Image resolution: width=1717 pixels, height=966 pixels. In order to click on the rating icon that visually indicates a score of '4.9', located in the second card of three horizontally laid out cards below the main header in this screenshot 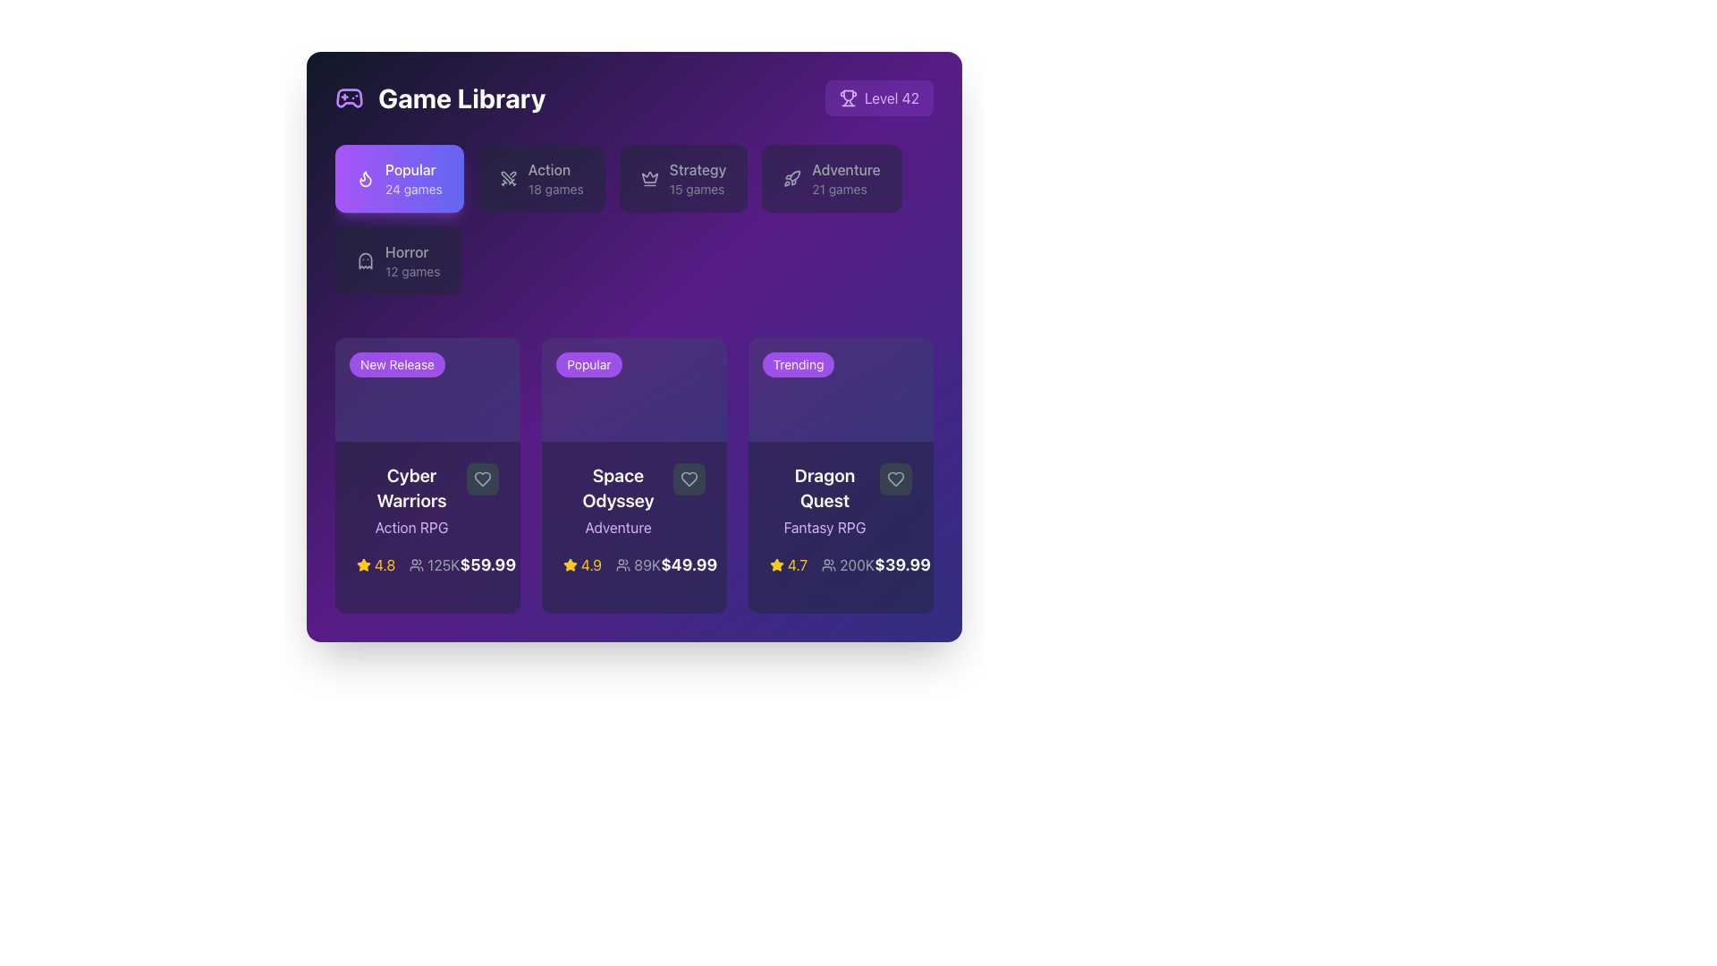, I will do `click(570, 565)`.